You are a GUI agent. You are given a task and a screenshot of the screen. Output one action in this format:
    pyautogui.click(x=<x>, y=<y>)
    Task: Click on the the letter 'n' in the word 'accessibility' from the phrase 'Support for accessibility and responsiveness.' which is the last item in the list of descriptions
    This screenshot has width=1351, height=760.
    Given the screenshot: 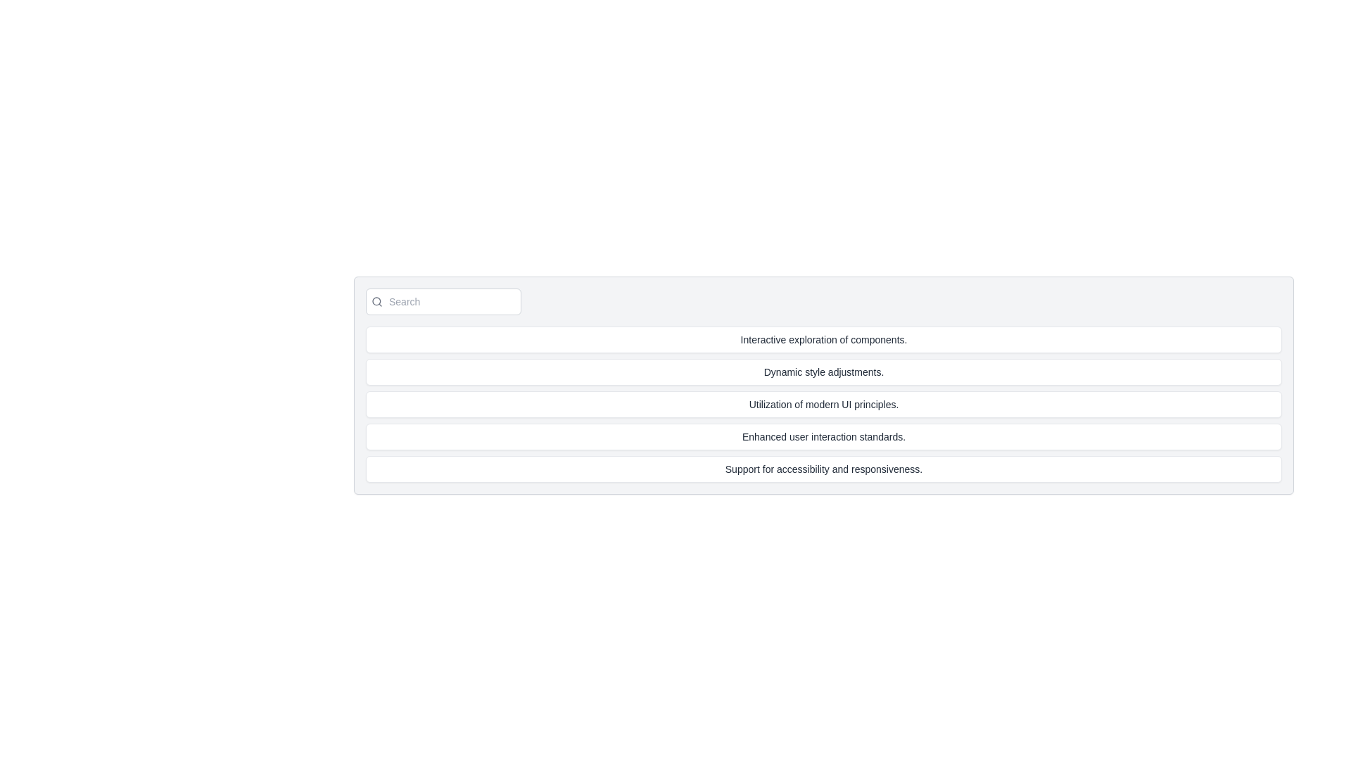 What is the action you would take?
    pyautogui.click(x=840, y=469)
    